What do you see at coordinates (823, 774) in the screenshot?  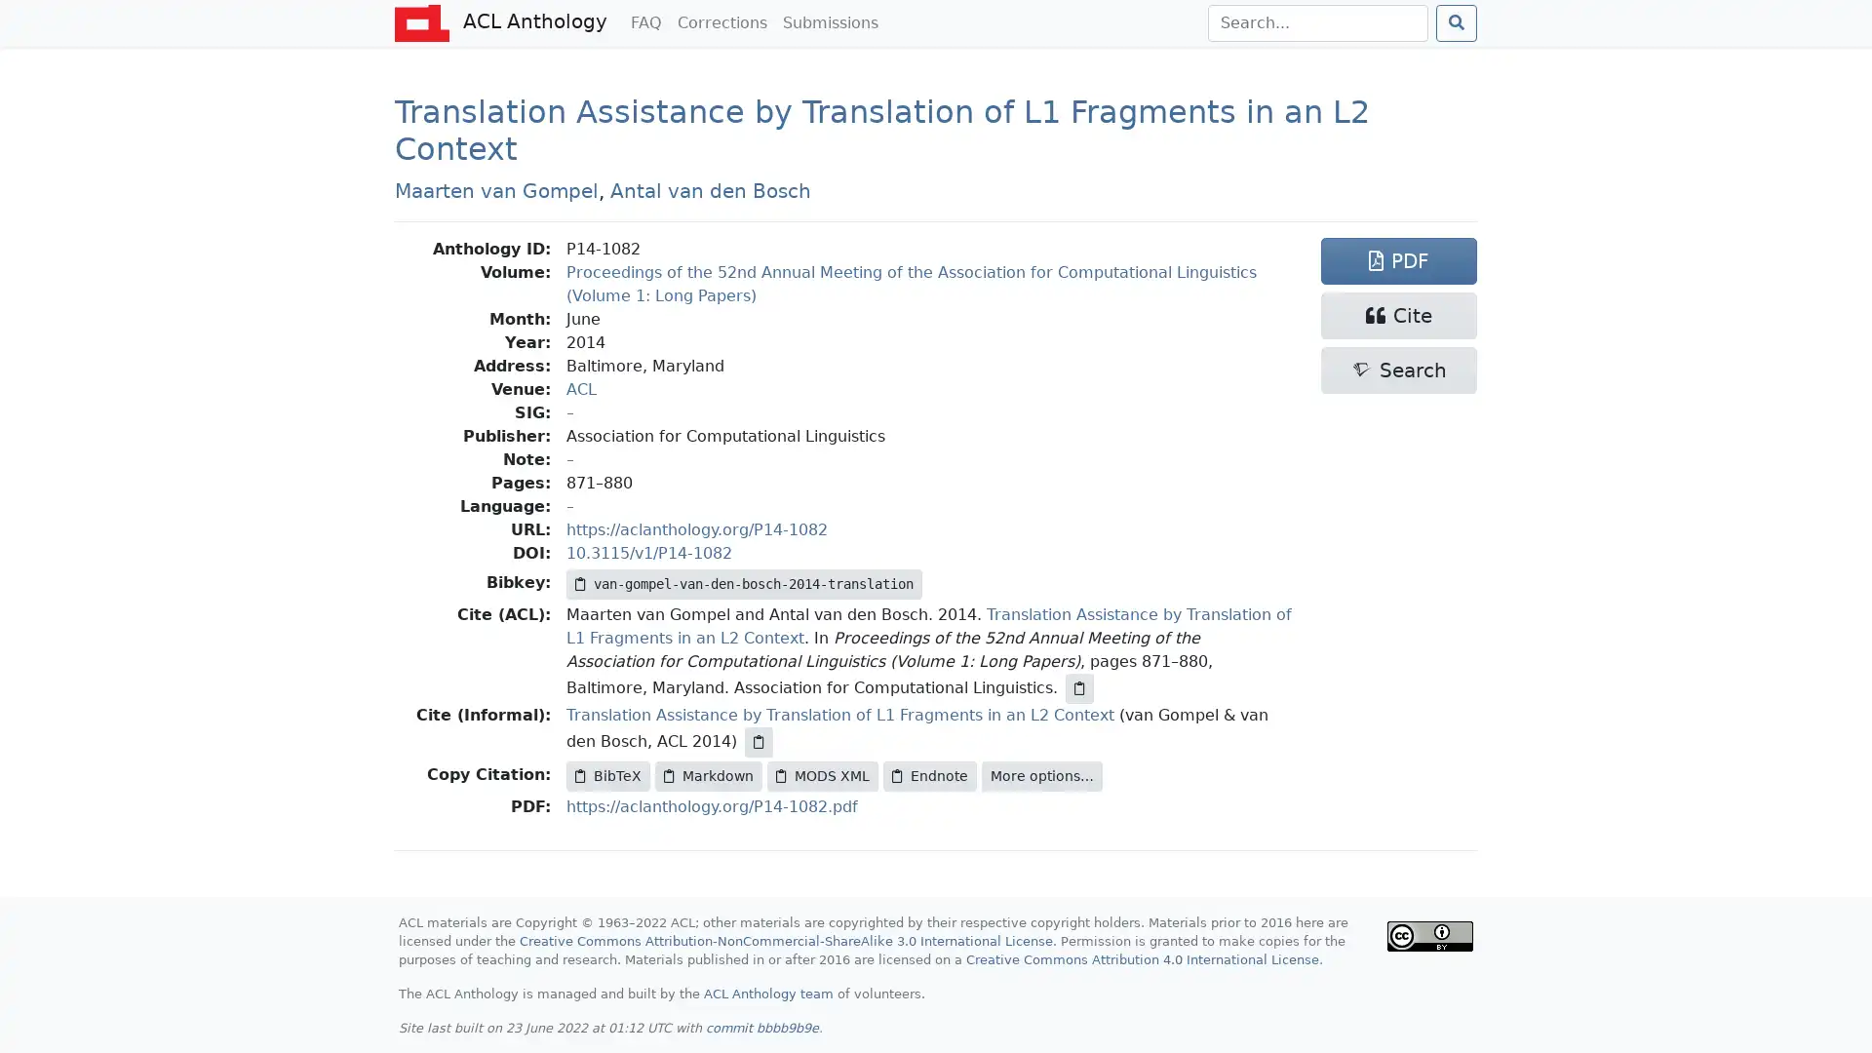 I see `MODS XML` at bounding box center [823, 774].